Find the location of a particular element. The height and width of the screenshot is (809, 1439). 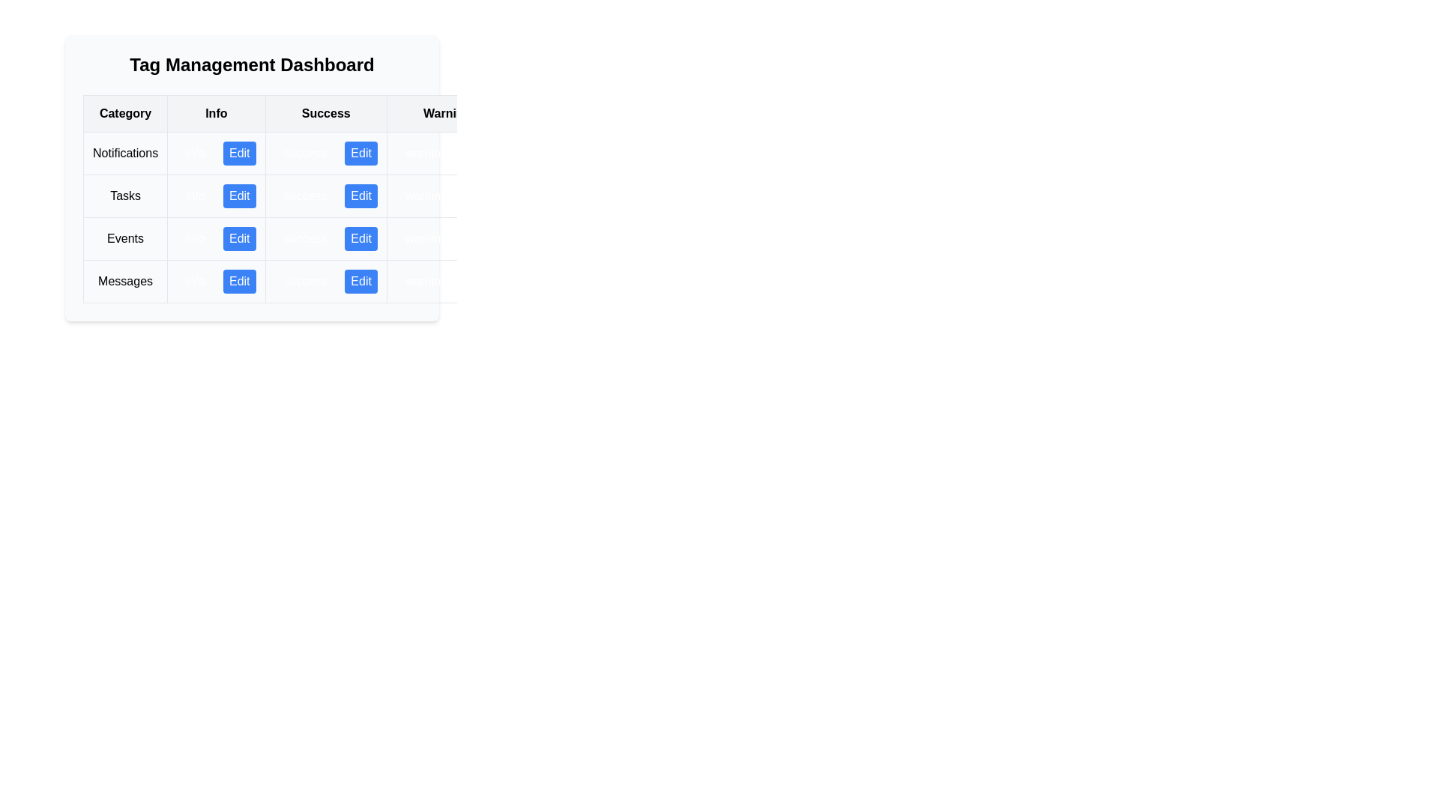

the 'Messages' label in the first column of the table, which is styled with padding and a border, and is the fourth entry under the 'Category' column is located at coordinates (125, 281).